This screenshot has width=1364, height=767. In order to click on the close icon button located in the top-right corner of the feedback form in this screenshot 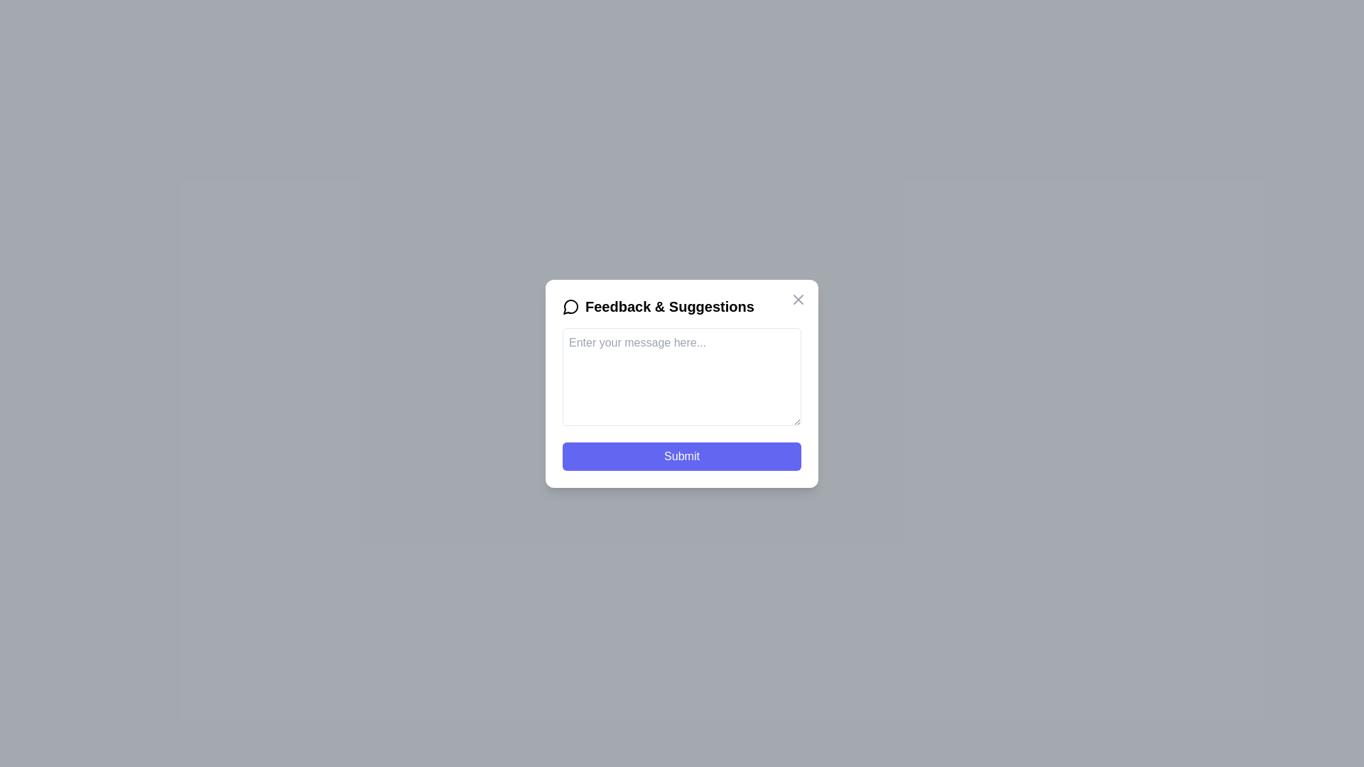, I will do `click(798, 298)`.